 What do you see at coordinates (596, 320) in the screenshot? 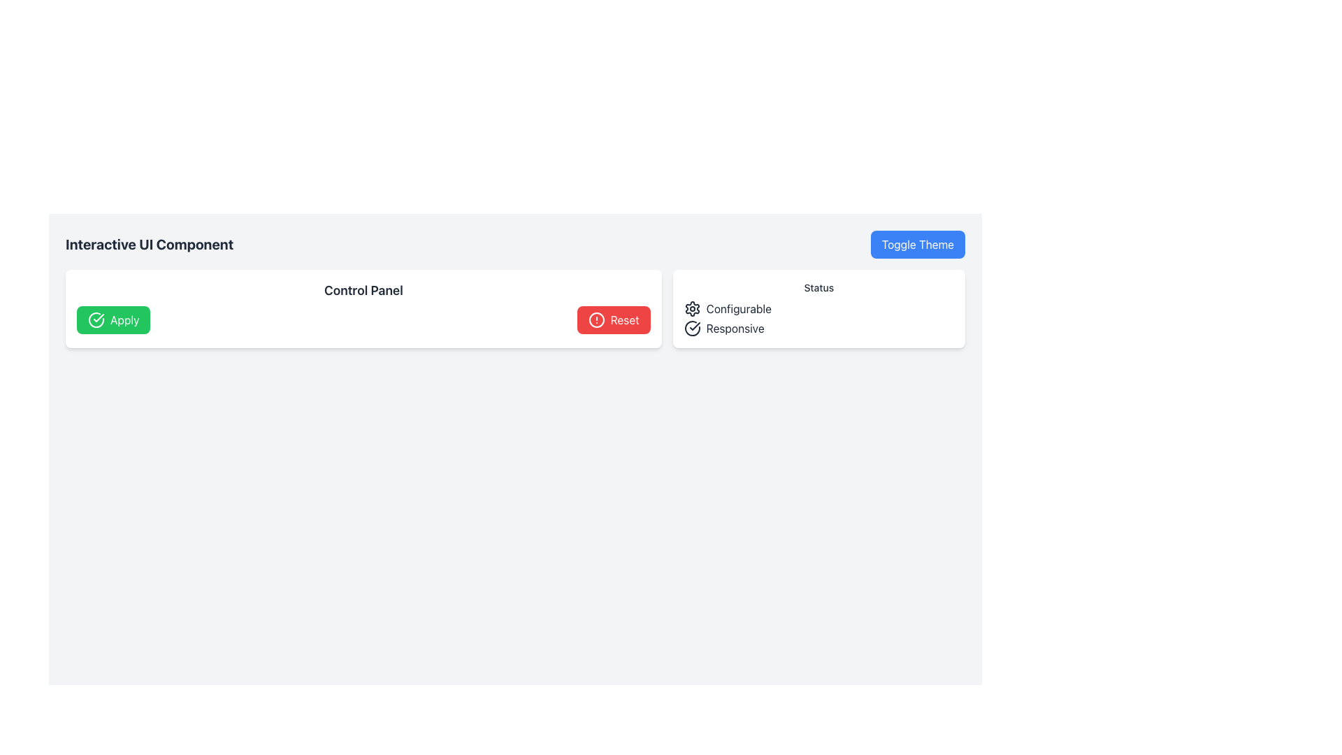
I see `the red circular icon with a warning symbol located within the 'Reset' button on the left side of the control panel` at bounding box center [596, 320].